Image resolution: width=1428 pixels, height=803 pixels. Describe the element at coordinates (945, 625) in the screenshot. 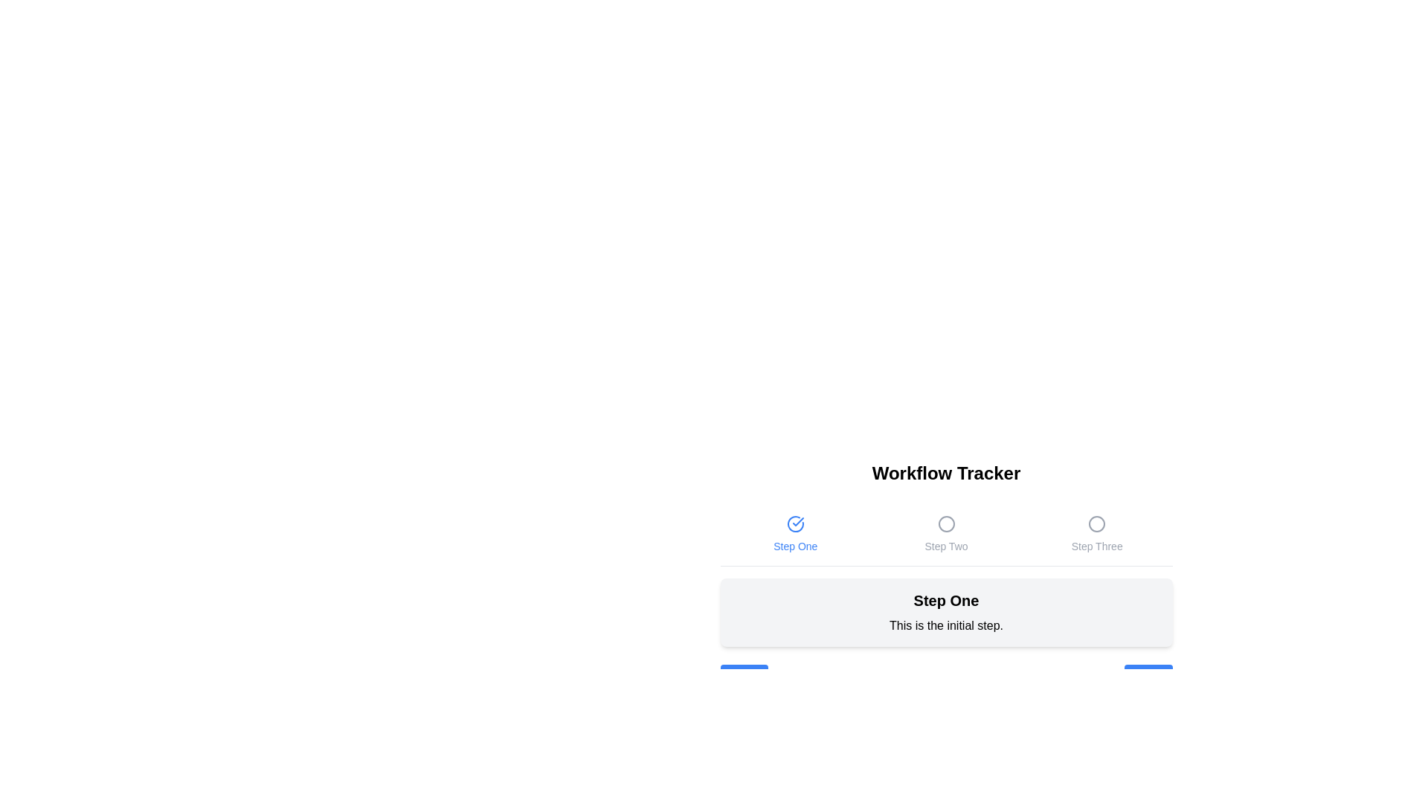

I see `the text element that contains 'This is the initial step.', which is styled in a standard font and located within a light gray rounded box at the bottom of the display` at that location.